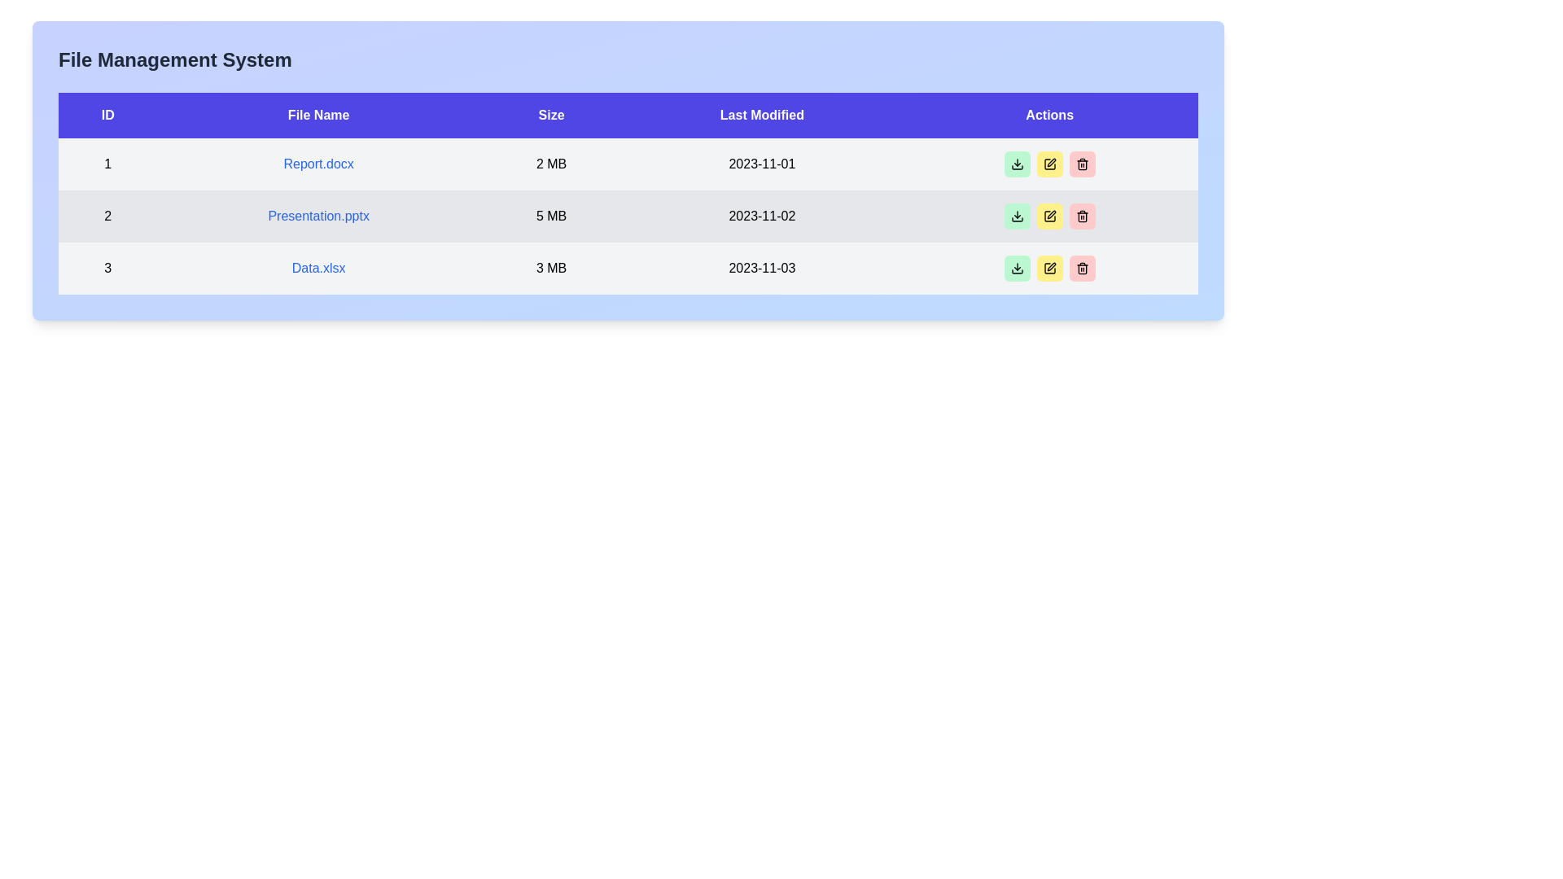  Describe the element at coordinates (551, 268) in the screenshot. I see `the Table Cell Content displaying the size of the file in the third row under the 'Size' header` at that location.